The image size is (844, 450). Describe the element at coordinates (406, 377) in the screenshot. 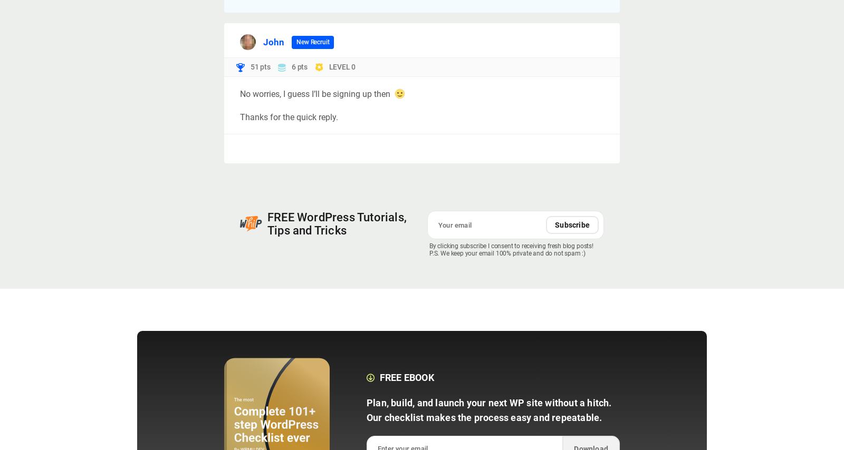

I see `'FREE EBOOK'` at that location.